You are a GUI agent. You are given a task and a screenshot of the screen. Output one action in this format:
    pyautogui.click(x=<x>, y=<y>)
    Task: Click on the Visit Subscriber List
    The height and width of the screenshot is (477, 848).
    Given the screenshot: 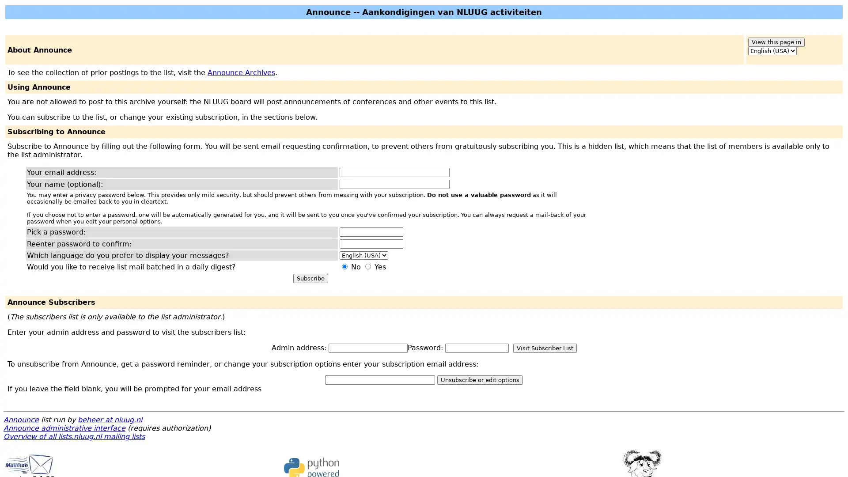 What is the action you would take?
    pyautogui.click(x=544, y=348)
    